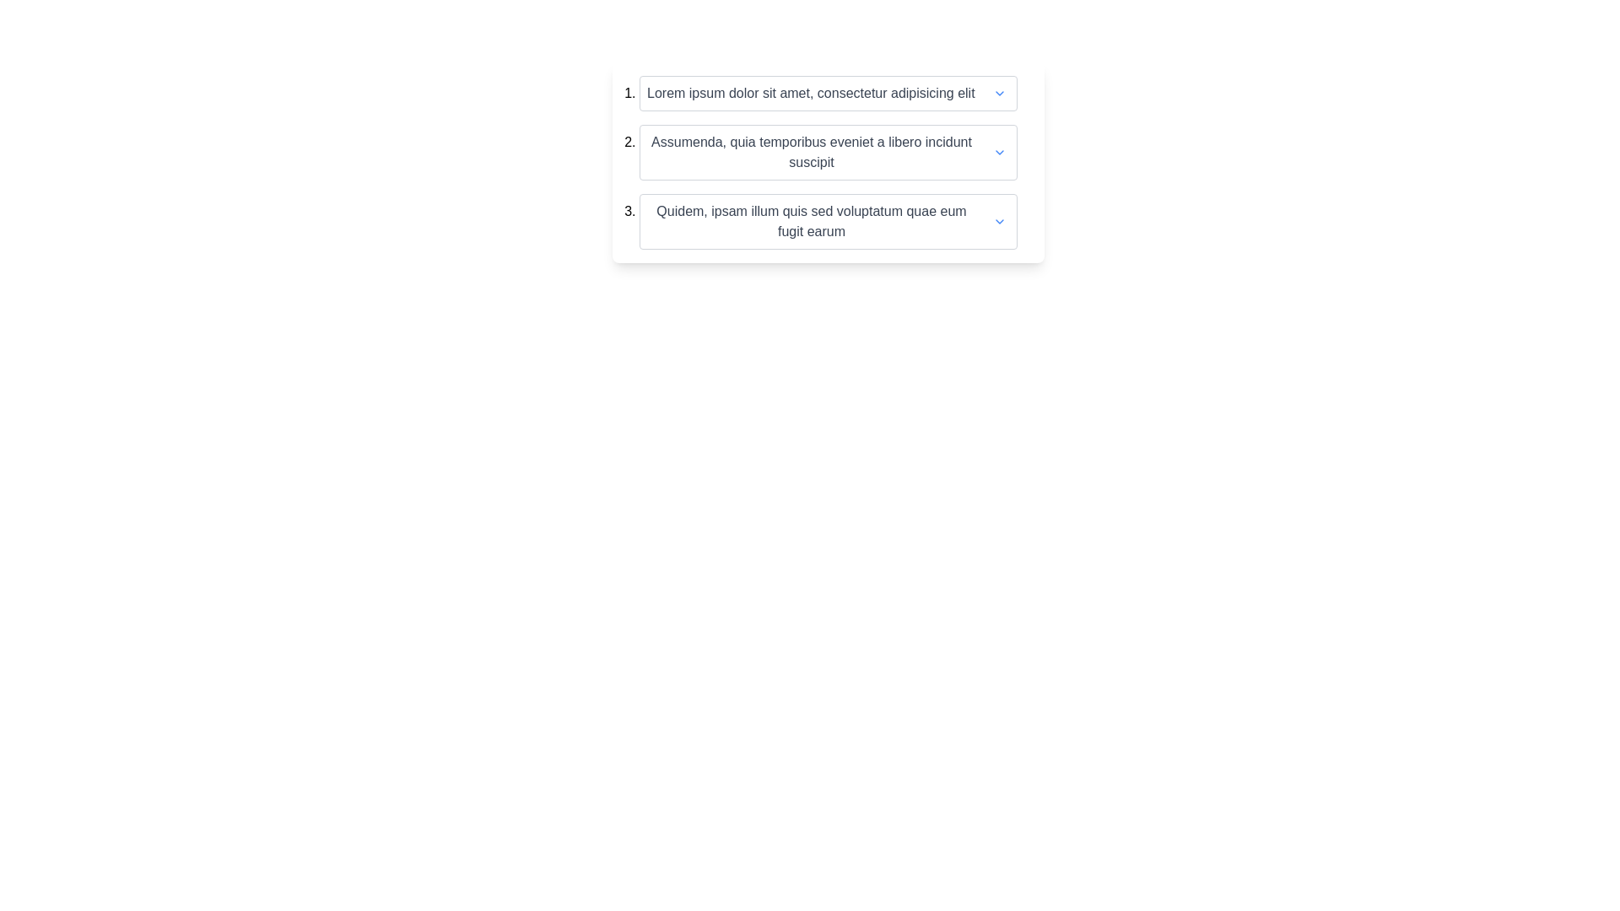 The height and width of the screenshot is (911, 1620). Describe the element at coordinates (811, 220) in the screenshot. I see `the main textual label of the third item in a vertically stacked list, which provides a descriptive title for the associated list item` at that location.